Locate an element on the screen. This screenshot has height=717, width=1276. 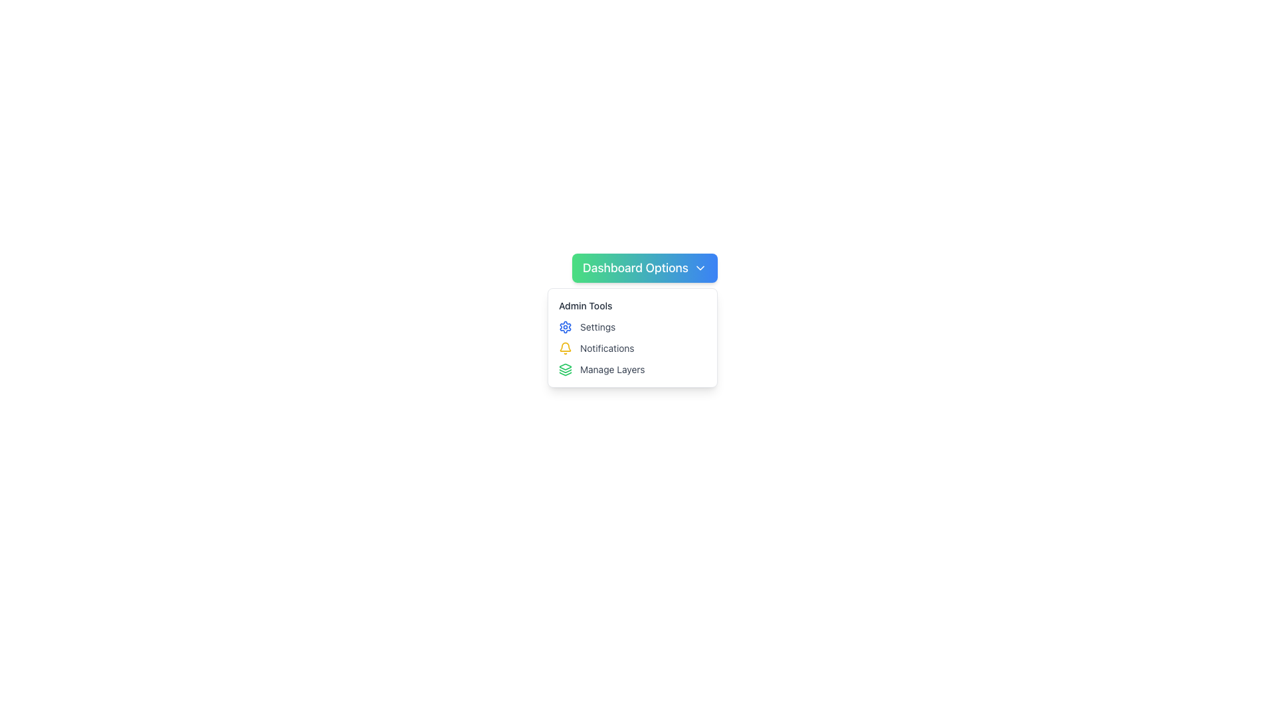
the blue gear icon that is located to the left of the text 'Settings' is located at coordinates (565, 327).